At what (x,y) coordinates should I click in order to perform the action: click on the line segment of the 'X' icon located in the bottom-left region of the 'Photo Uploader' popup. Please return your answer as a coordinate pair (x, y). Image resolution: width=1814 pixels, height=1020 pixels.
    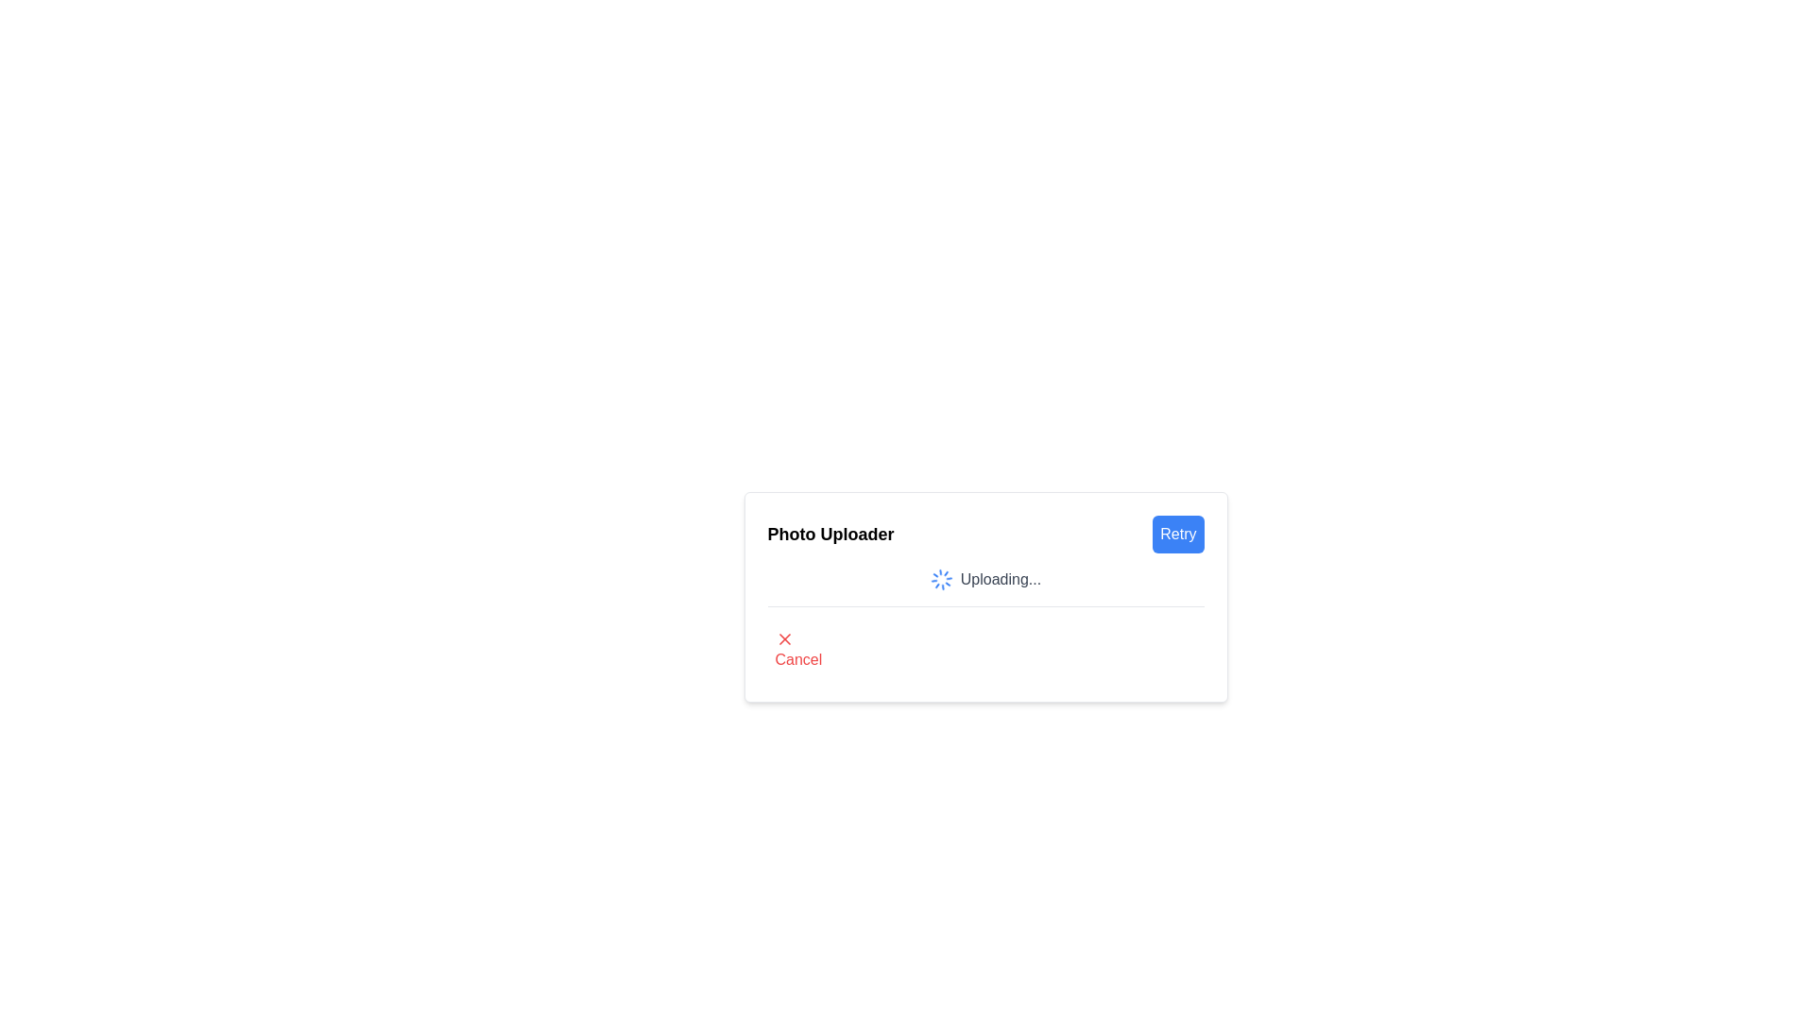
    Looking at the image, I should click on (784, 638).